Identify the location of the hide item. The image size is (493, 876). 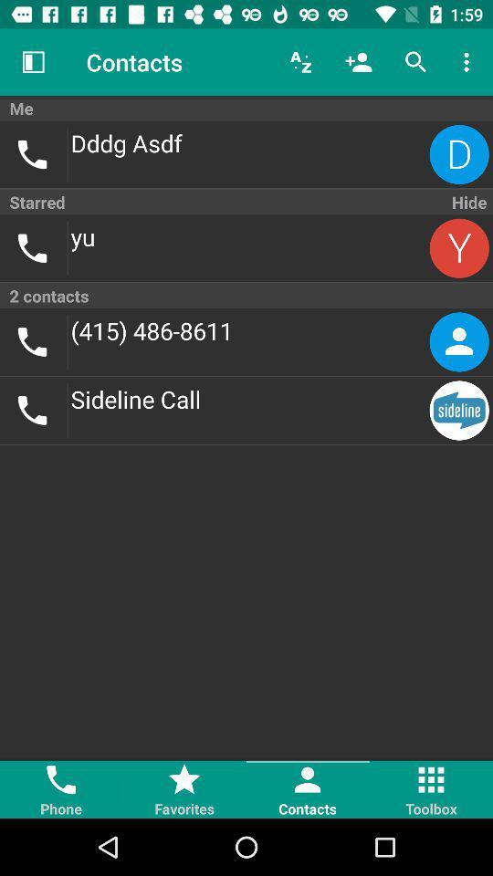
(467, 202).